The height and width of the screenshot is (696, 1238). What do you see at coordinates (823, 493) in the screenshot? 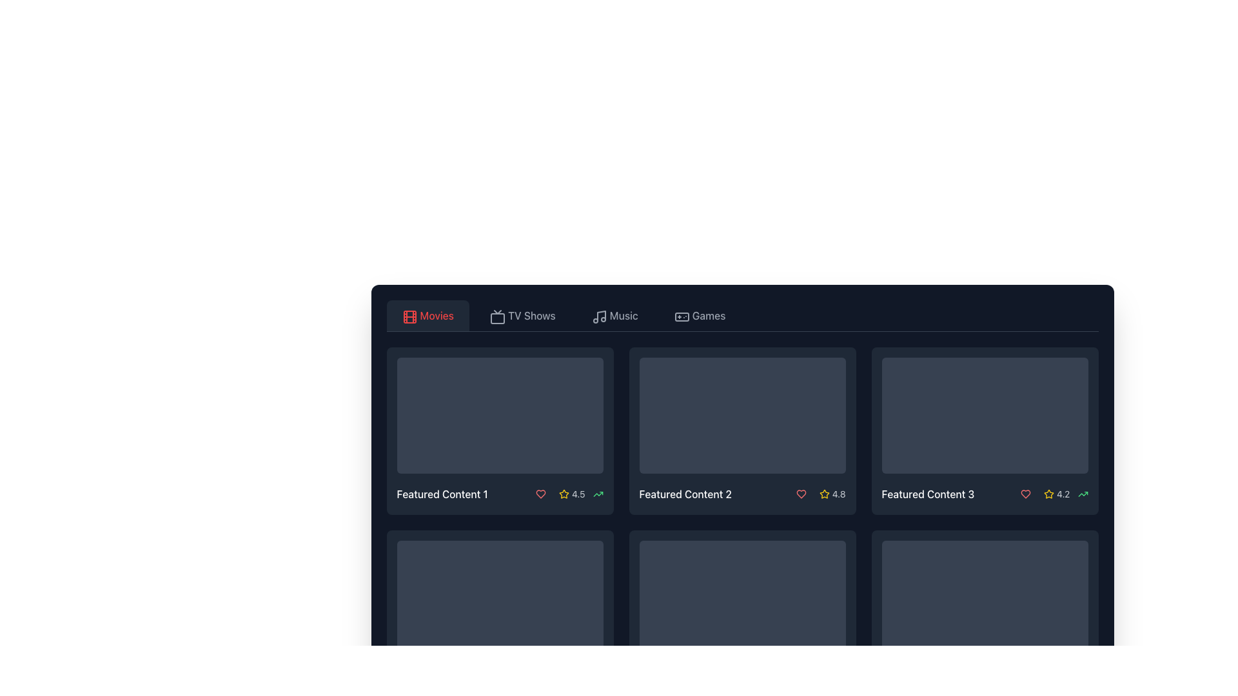
I see `the star-shaped icon representing the rating value for 'Featured Content 2', which is located next to the heart-shaped 'like' icon and the numeric rating '4.8'` at bounding box center [823, 493].